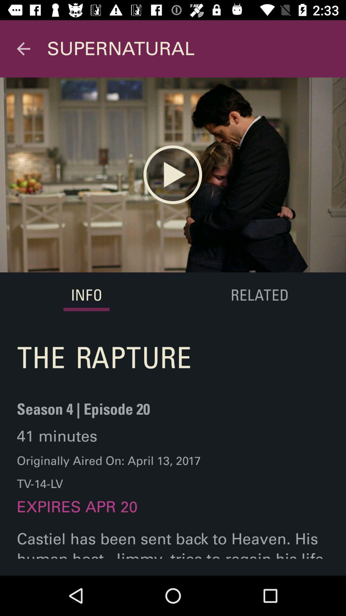  I want to click on the item above the 41 minutes, so click(83, 413).